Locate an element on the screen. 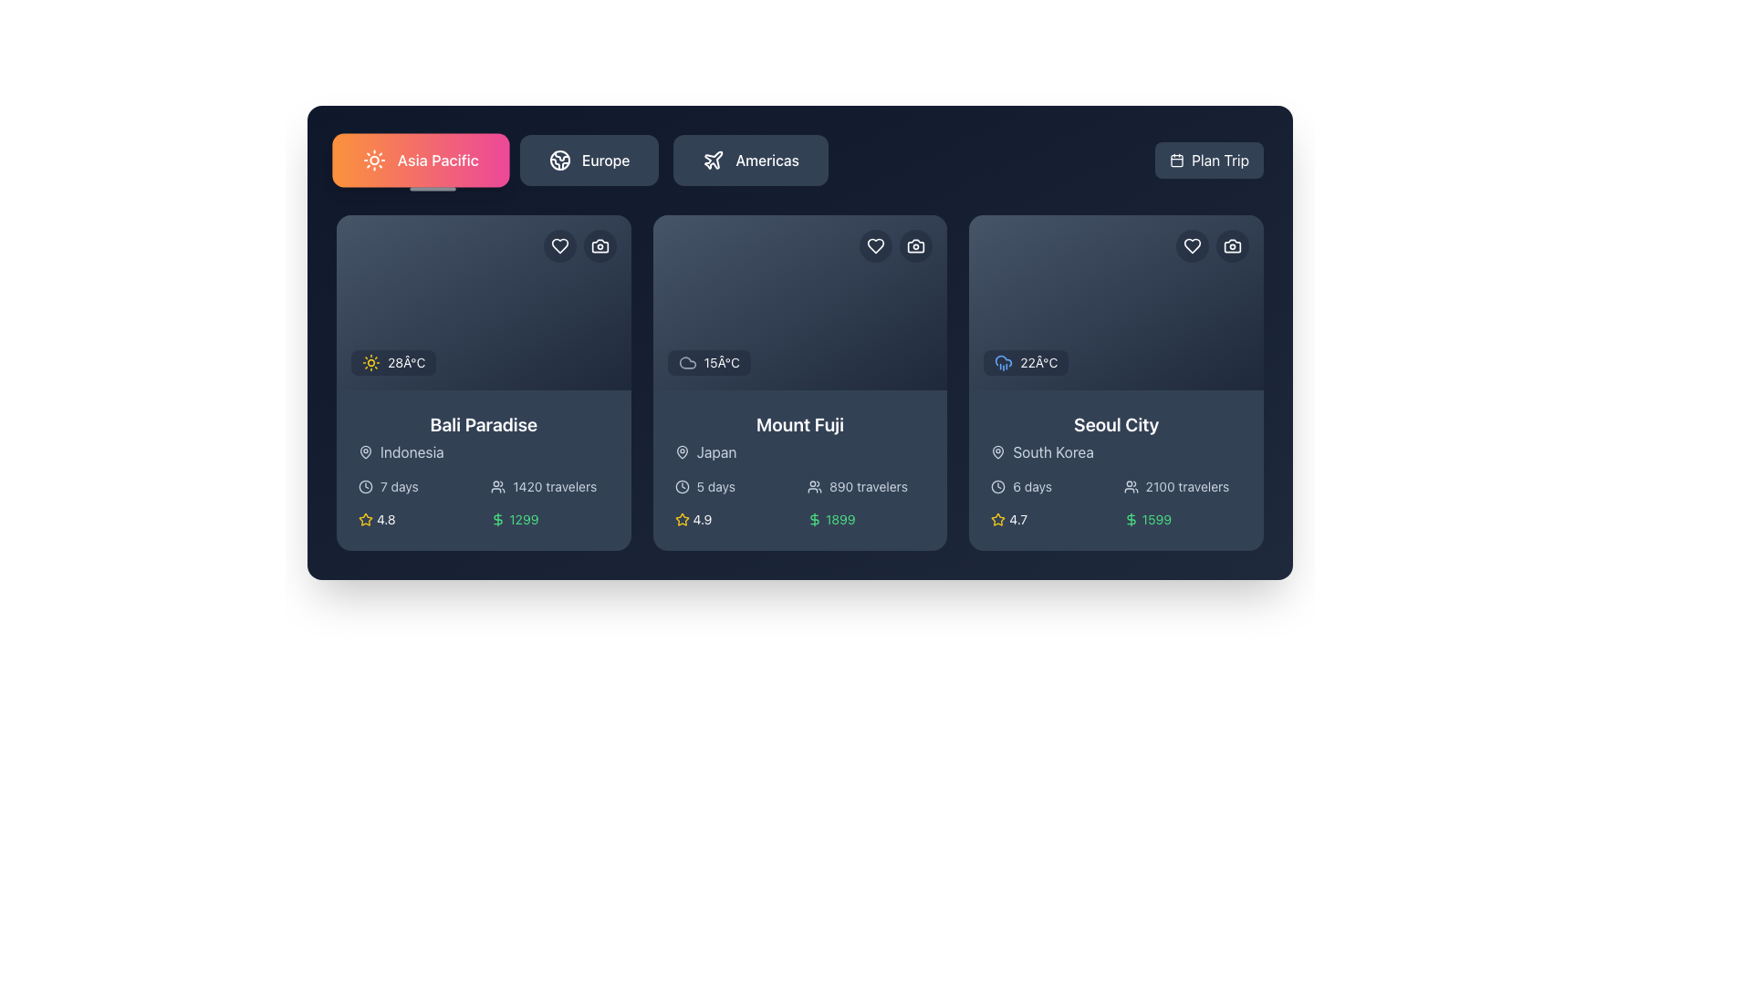 The image size is (1752, 985). the text label displaying 'Japan', which is aligned next to a map pin icon under the title 'Mount Fuji' in the second card of the main content area is located at coordinates (715, 451).